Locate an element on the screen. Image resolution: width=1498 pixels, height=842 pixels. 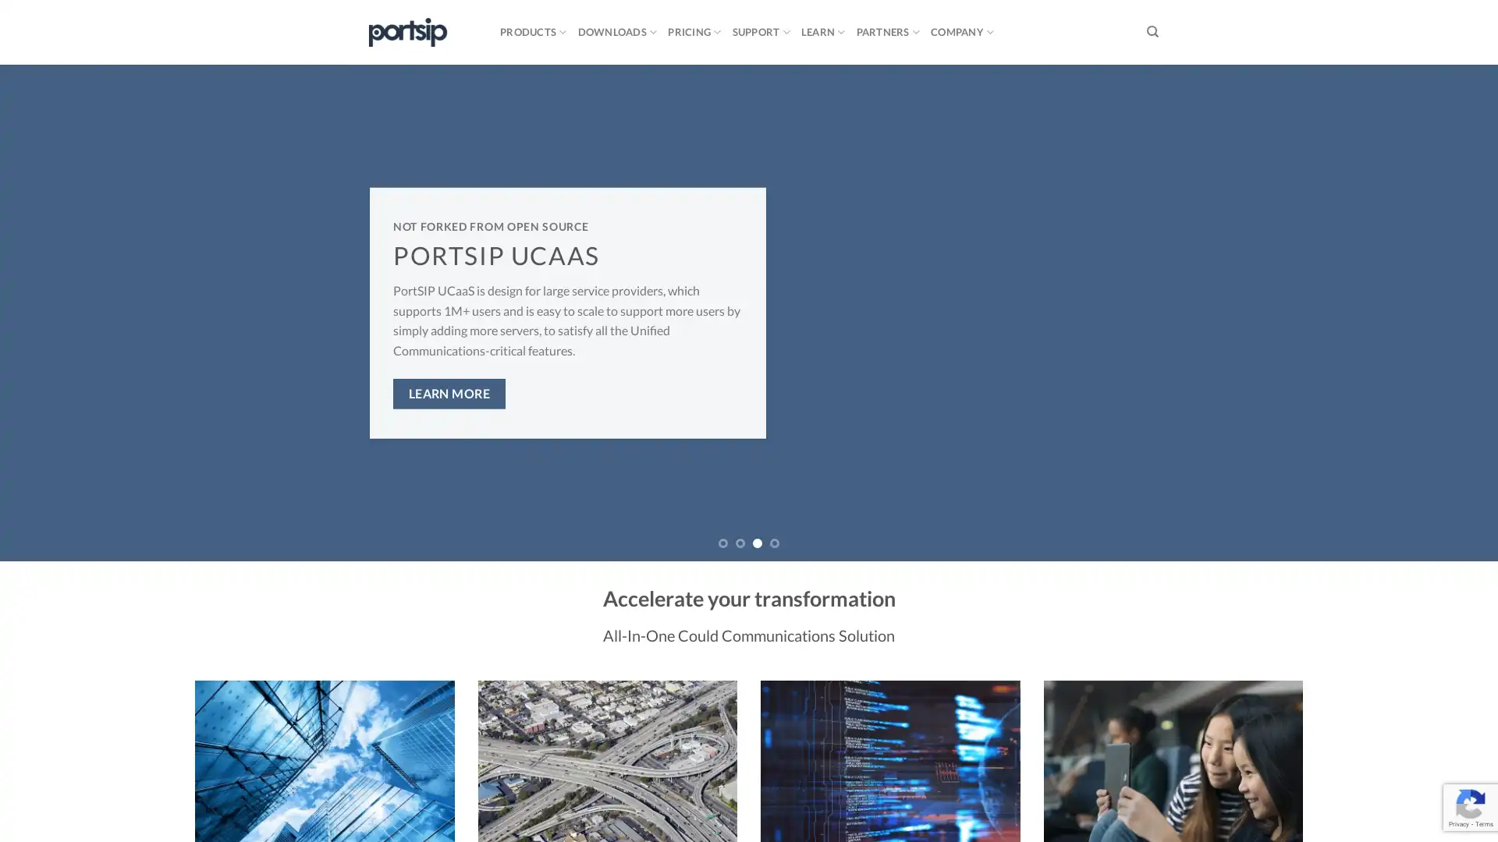
Previous is located at coordinates (48, 313).